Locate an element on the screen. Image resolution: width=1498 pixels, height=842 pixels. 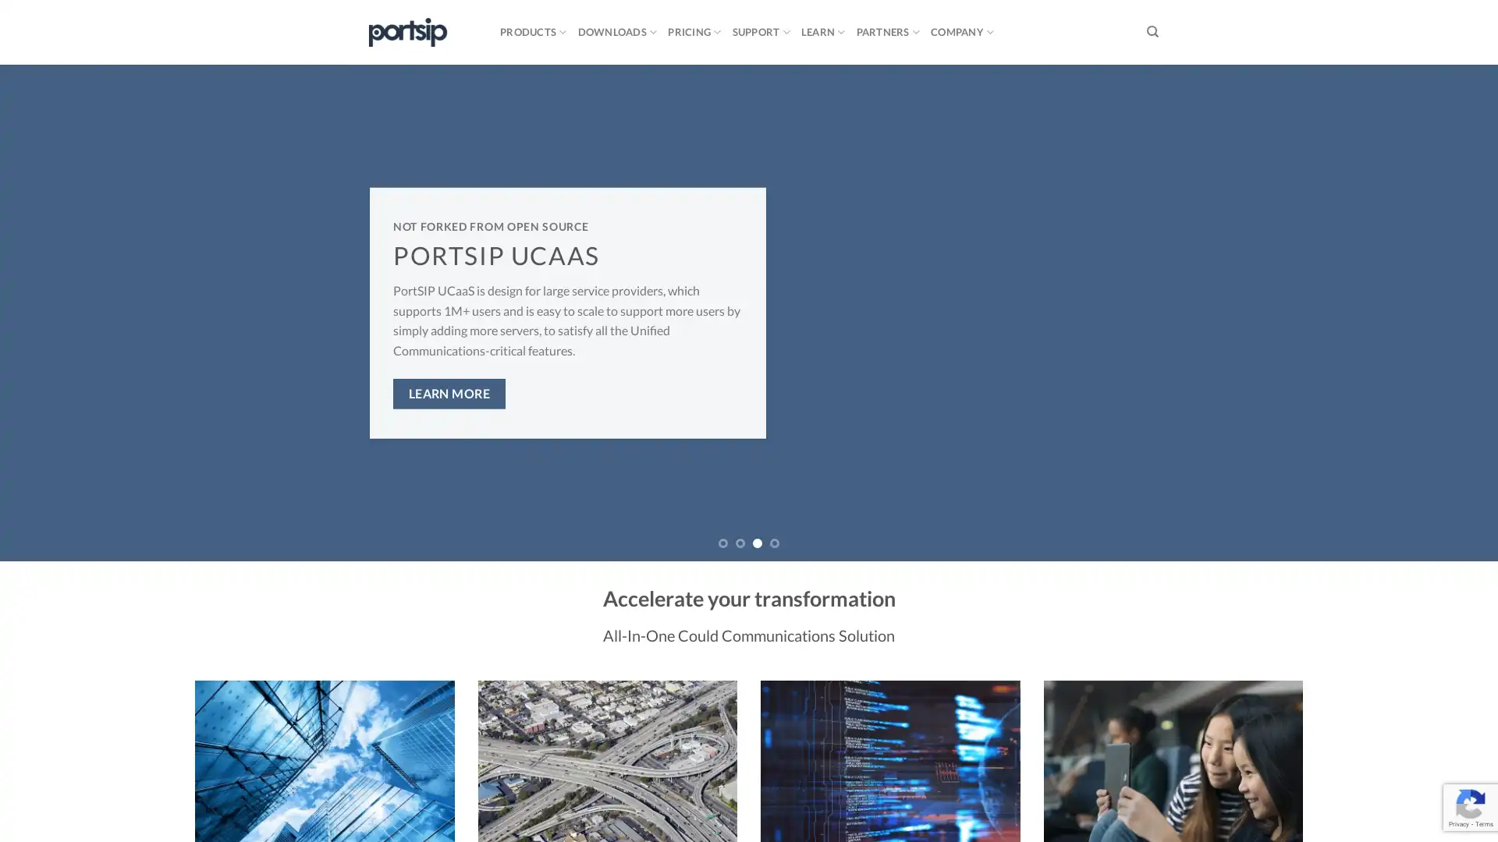
Previous is located at coordinates (48, 313).